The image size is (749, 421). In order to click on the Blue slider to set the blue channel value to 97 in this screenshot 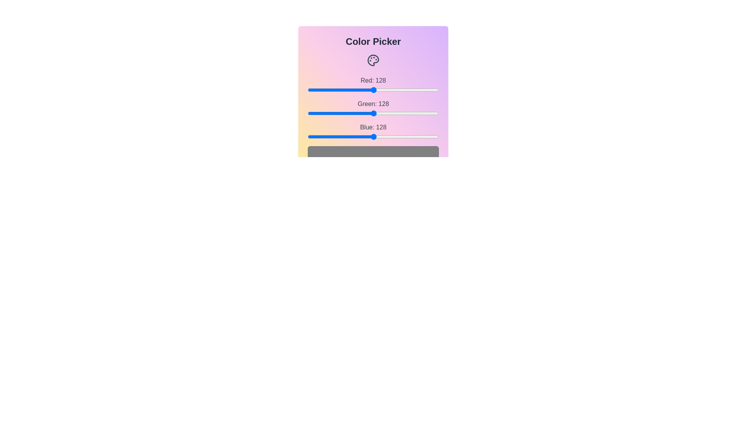, I will do `click(357, 136)`.